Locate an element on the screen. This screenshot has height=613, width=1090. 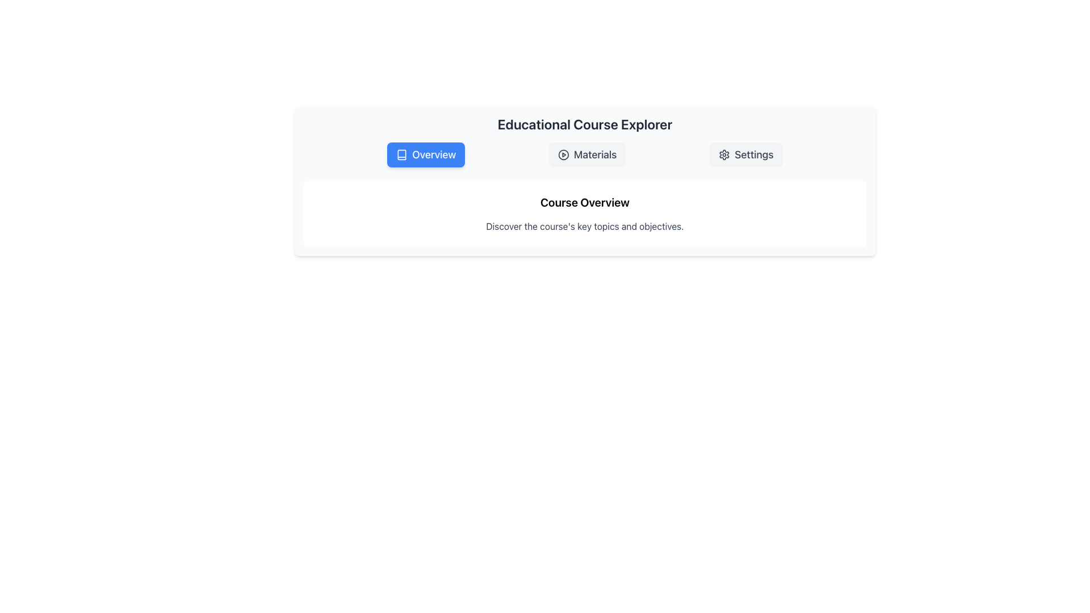
the media-related icon located within the 'Materials' button in the navigation bar is located at coordinates (564, 155).